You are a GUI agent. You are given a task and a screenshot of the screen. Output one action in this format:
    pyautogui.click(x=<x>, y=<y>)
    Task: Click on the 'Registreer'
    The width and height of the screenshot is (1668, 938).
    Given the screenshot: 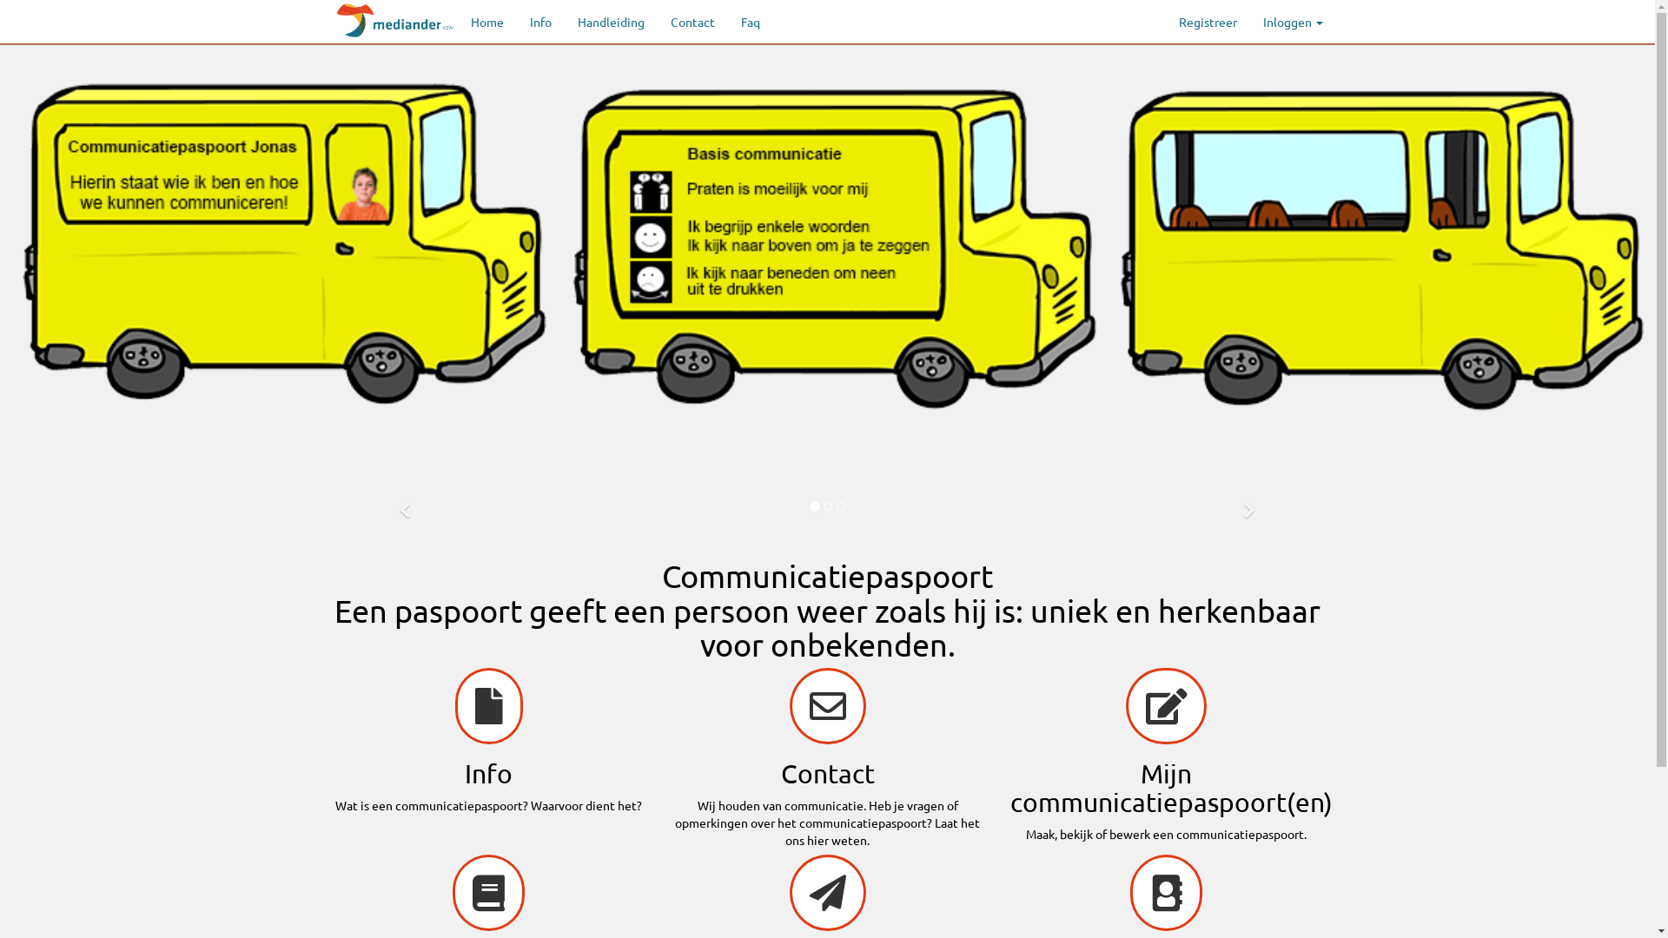 What is the action you would take?
    pyautogui.click(x=1207, y=21)
    